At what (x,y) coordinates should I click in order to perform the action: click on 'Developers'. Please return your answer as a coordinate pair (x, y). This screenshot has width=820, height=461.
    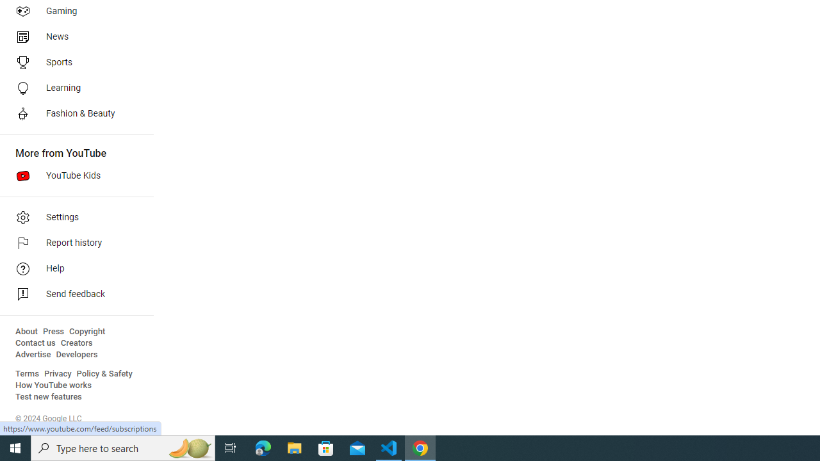
    Looking at the image, I should click on (76, 355).